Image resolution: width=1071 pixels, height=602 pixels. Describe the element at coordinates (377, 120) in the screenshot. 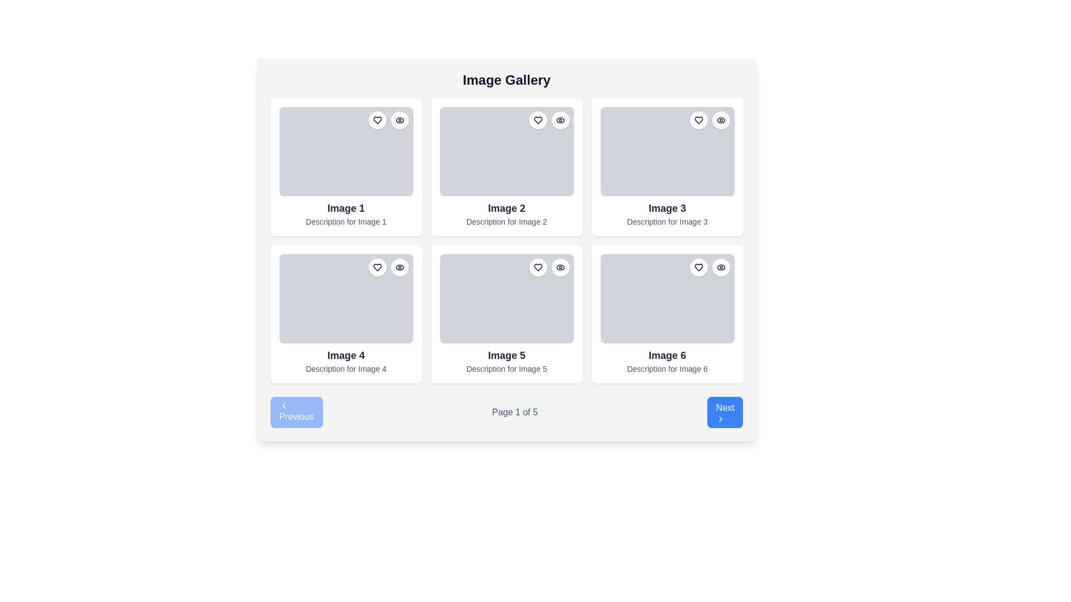

I see `the 'like' button located in the top-right corner of 'Image 1'` at that location.